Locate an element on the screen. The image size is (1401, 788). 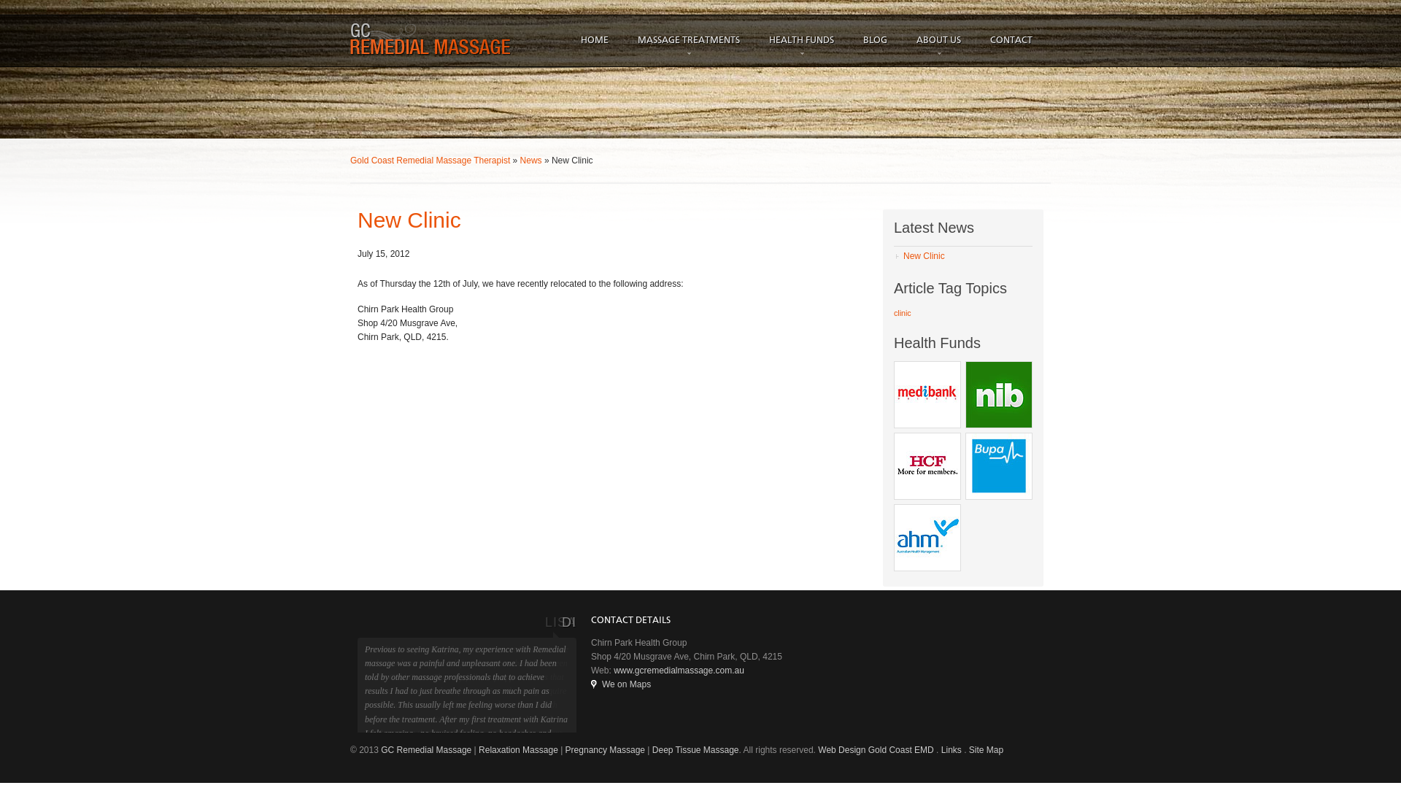
'Links' is located at coordinates (941, 750).